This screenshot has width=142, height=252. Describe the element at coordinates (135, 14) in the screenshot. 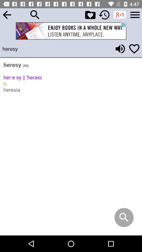

I see `settings` at that location.